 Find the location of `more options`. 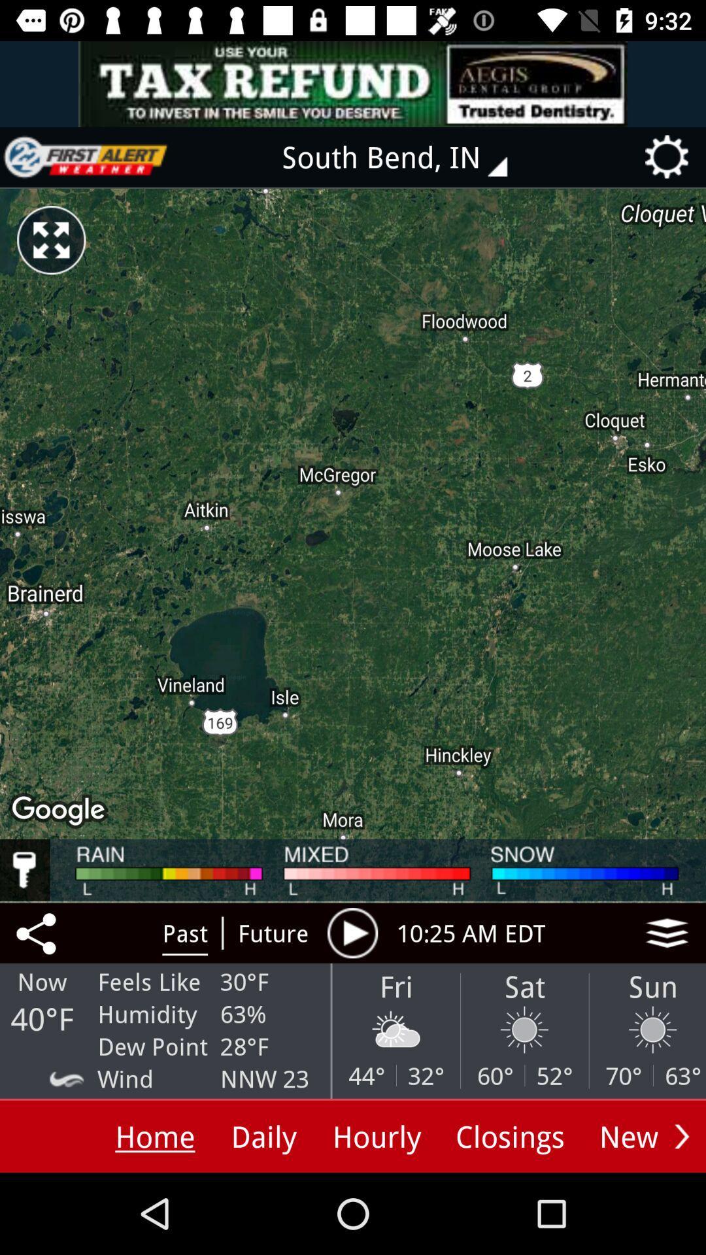

more options is located at coordinates (681, 1135).